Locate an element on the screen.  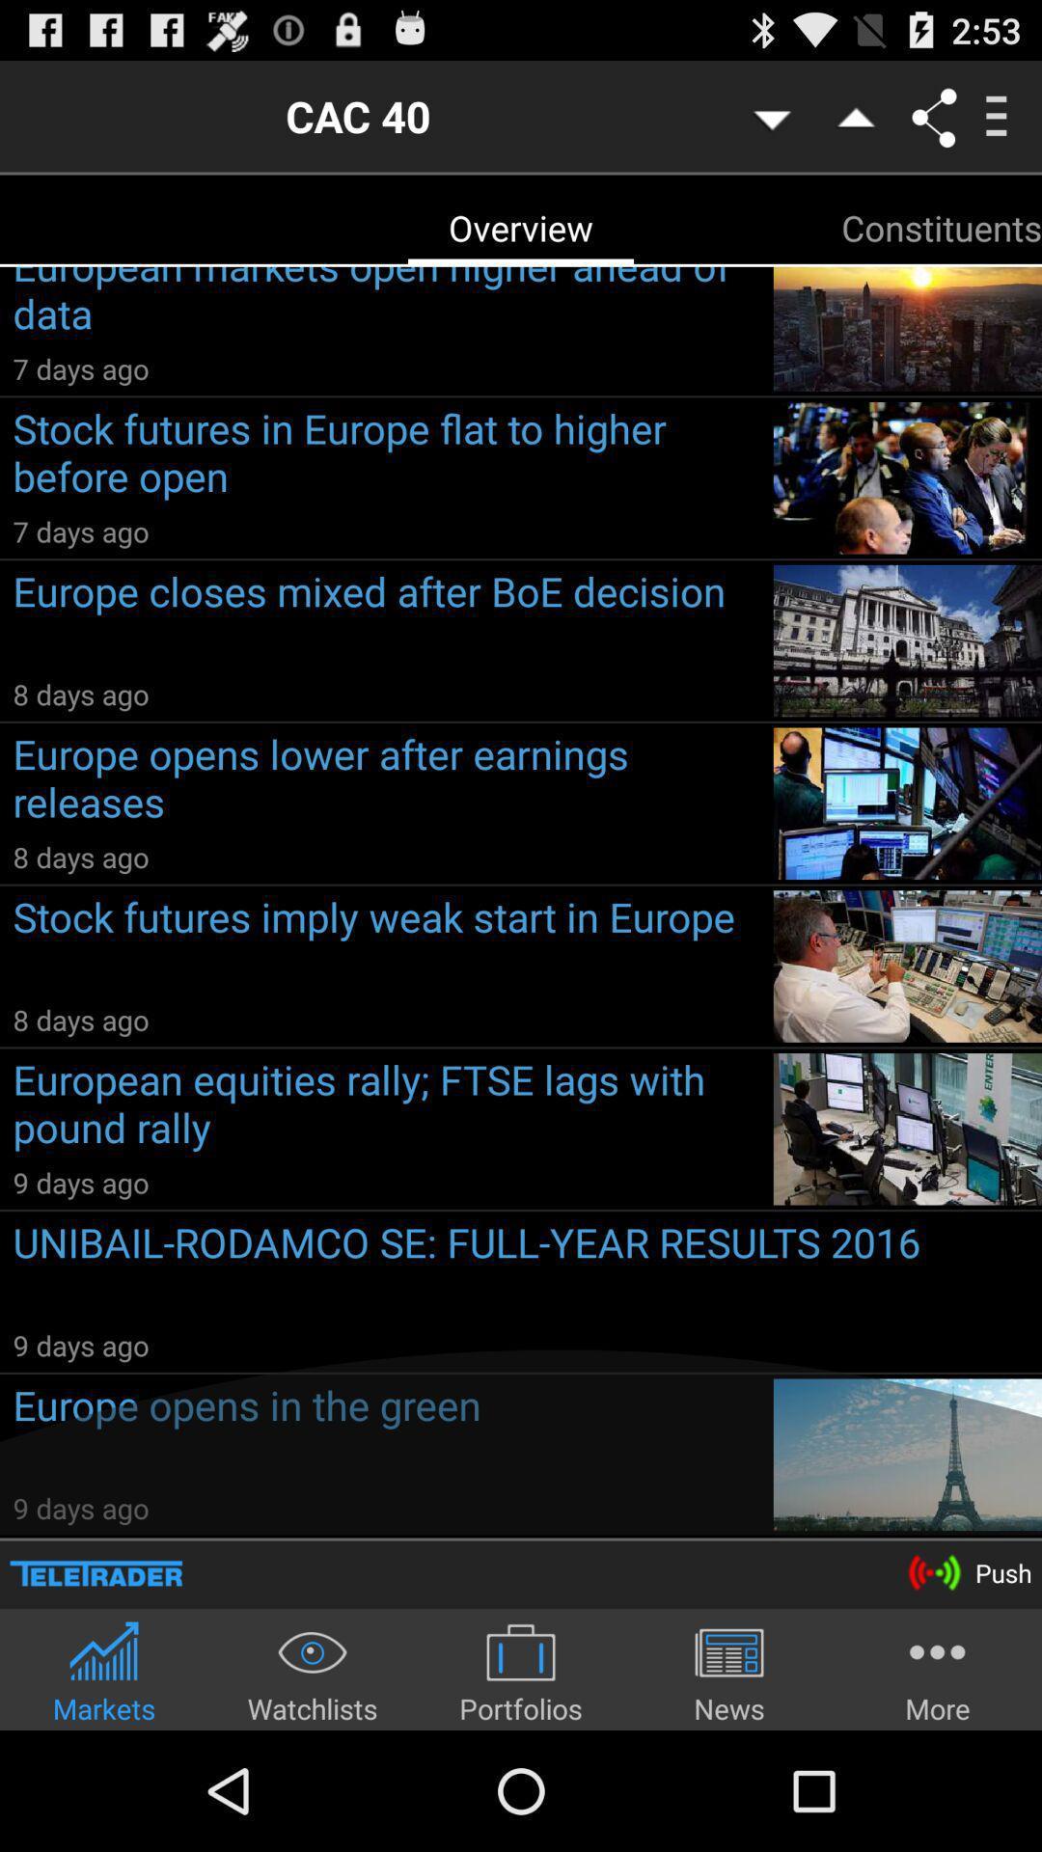
item to the right of the portfolios item is located at coordinates (729, 1671).